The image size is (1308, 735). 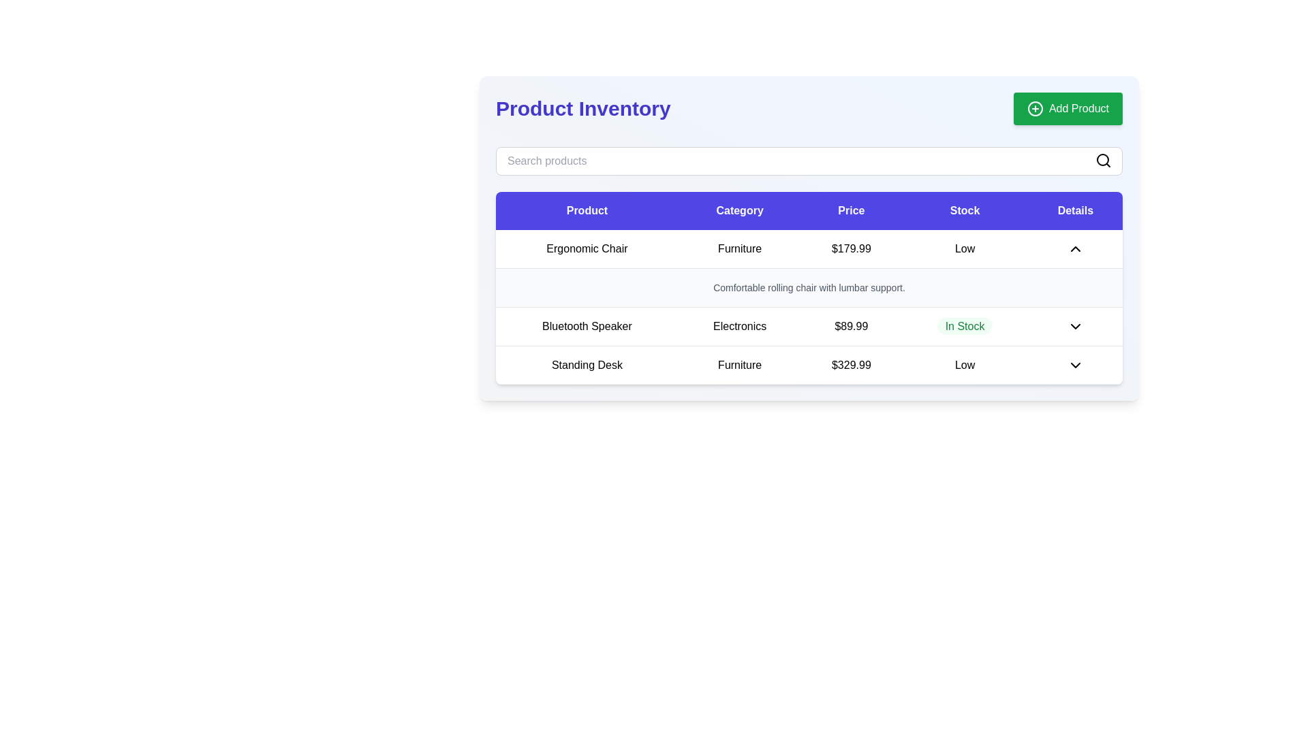 I want to click on the third row of the product details table for 'Standing Desk', so click(x=809, y=364).